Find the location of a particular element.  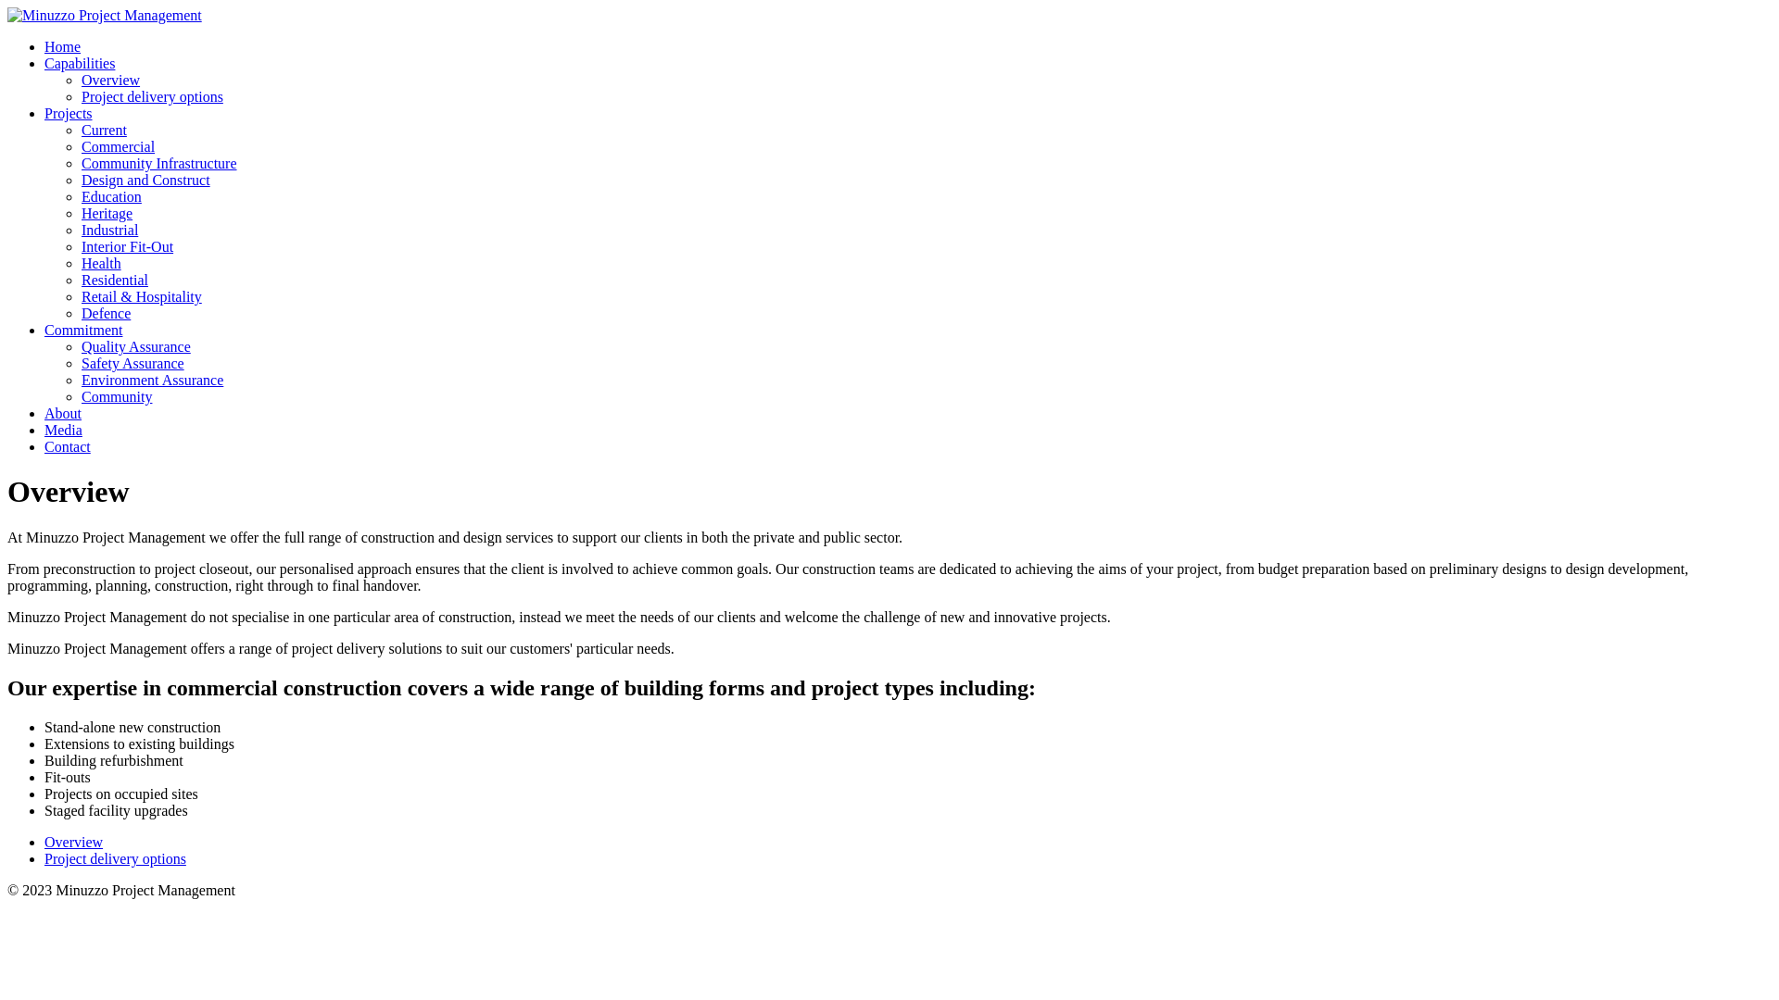

'Safety Assurance' is located at coordinates (80, 363).